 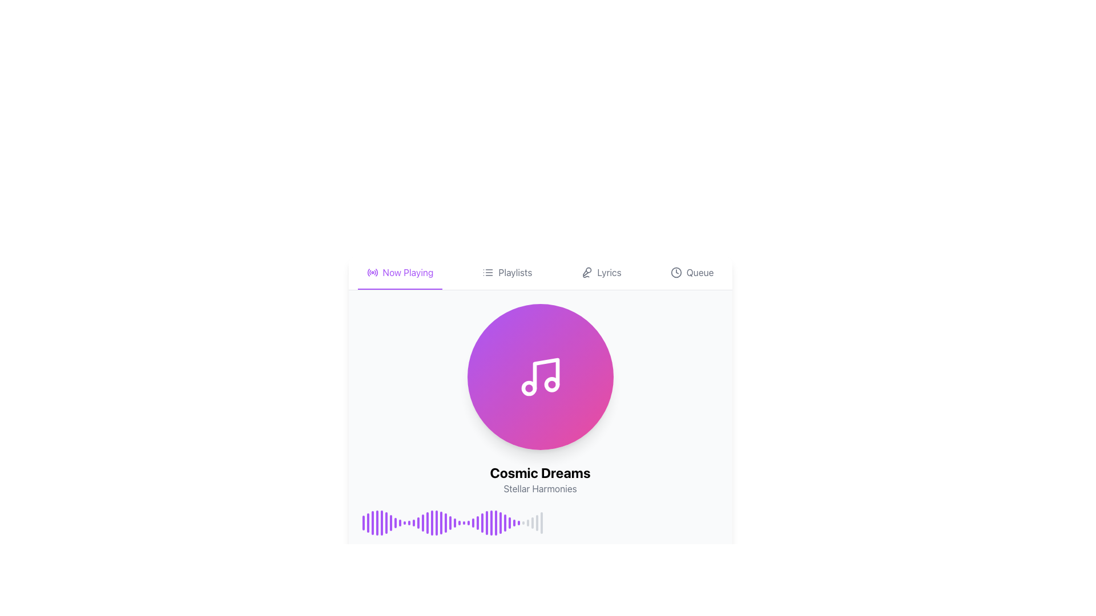 I want to click on the 'Now Playing' icon, which serves as a decorative element in the 'Now Playing' tab header, located to the left of the text label 'Now Playing', so click(x=372, y=273).